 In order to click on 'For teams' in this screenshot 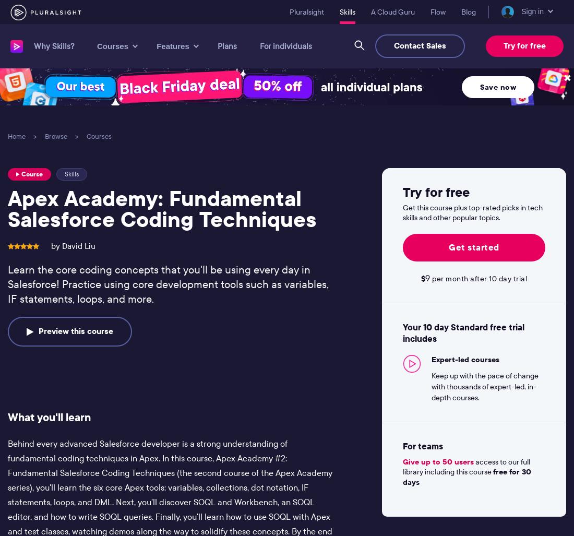, I will do `click(422, 445)`.